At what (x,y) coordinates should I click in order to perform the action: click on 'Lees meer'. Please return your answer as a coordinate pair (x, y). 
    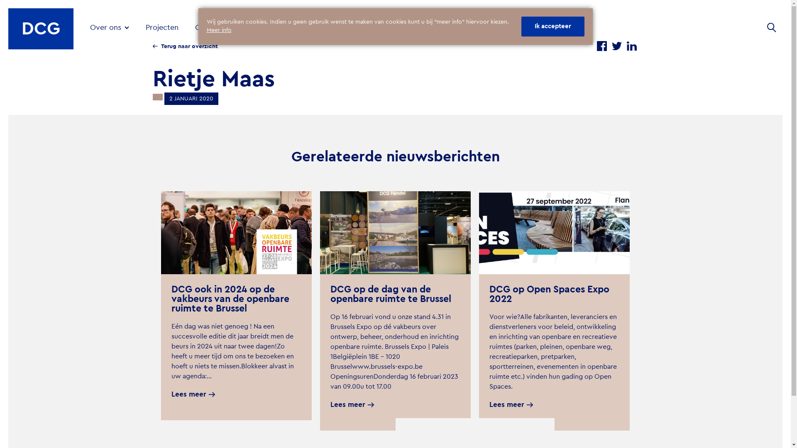
    Looking at the image, I should click on (511, 404).